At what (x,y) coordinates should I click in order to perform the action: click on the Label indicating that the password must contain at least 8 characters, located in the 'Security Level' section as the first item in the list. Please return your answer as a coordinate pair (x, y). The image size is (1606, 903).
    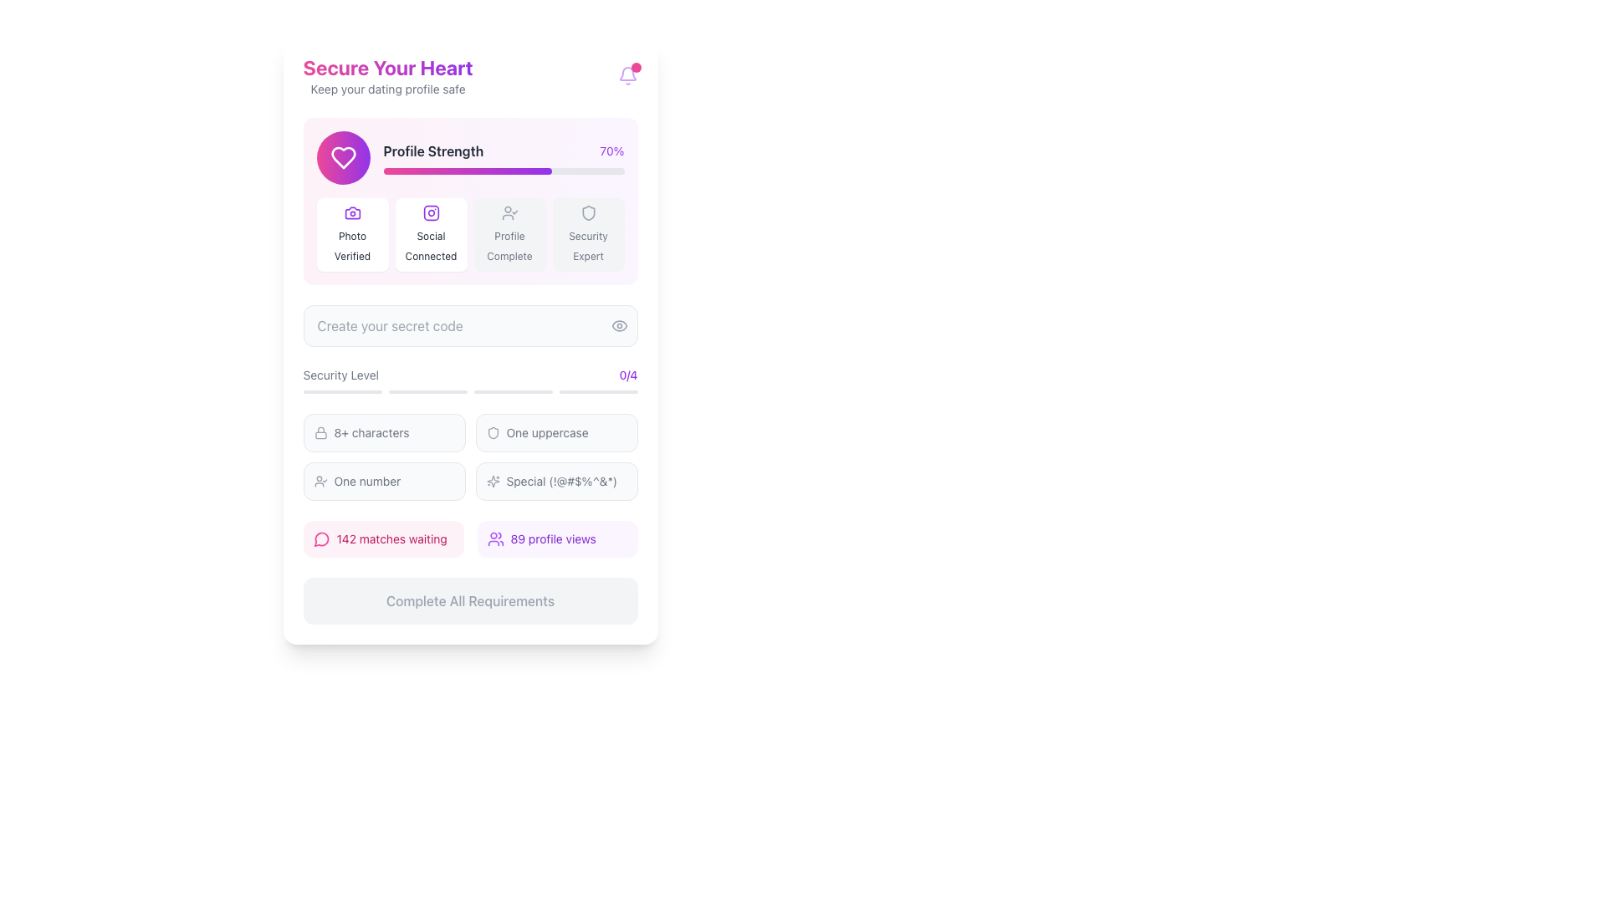
    Looking at the image, I should click on (383, 431).